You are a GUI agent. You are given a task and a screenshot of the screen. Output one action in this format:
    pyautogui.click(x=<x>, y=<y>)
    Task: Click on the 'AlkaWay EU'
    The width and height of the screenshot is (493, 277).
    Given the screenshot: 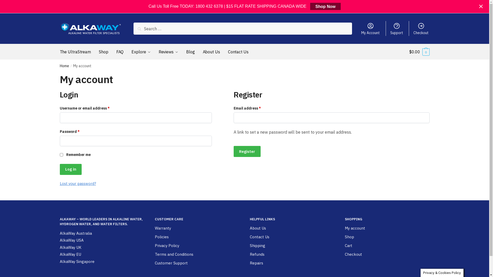 What is the action you would take?
    pyautogui.click(x=59, y=254)
    